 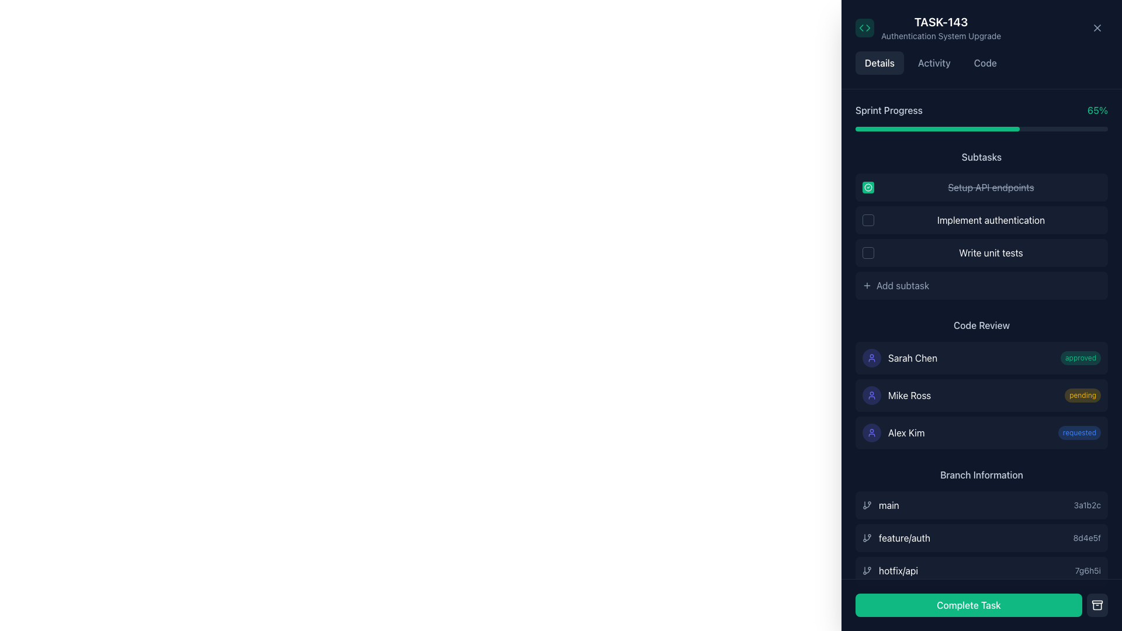 I want to click on the 'Add subtask' text label within the button control, so click(x=902, y=286).